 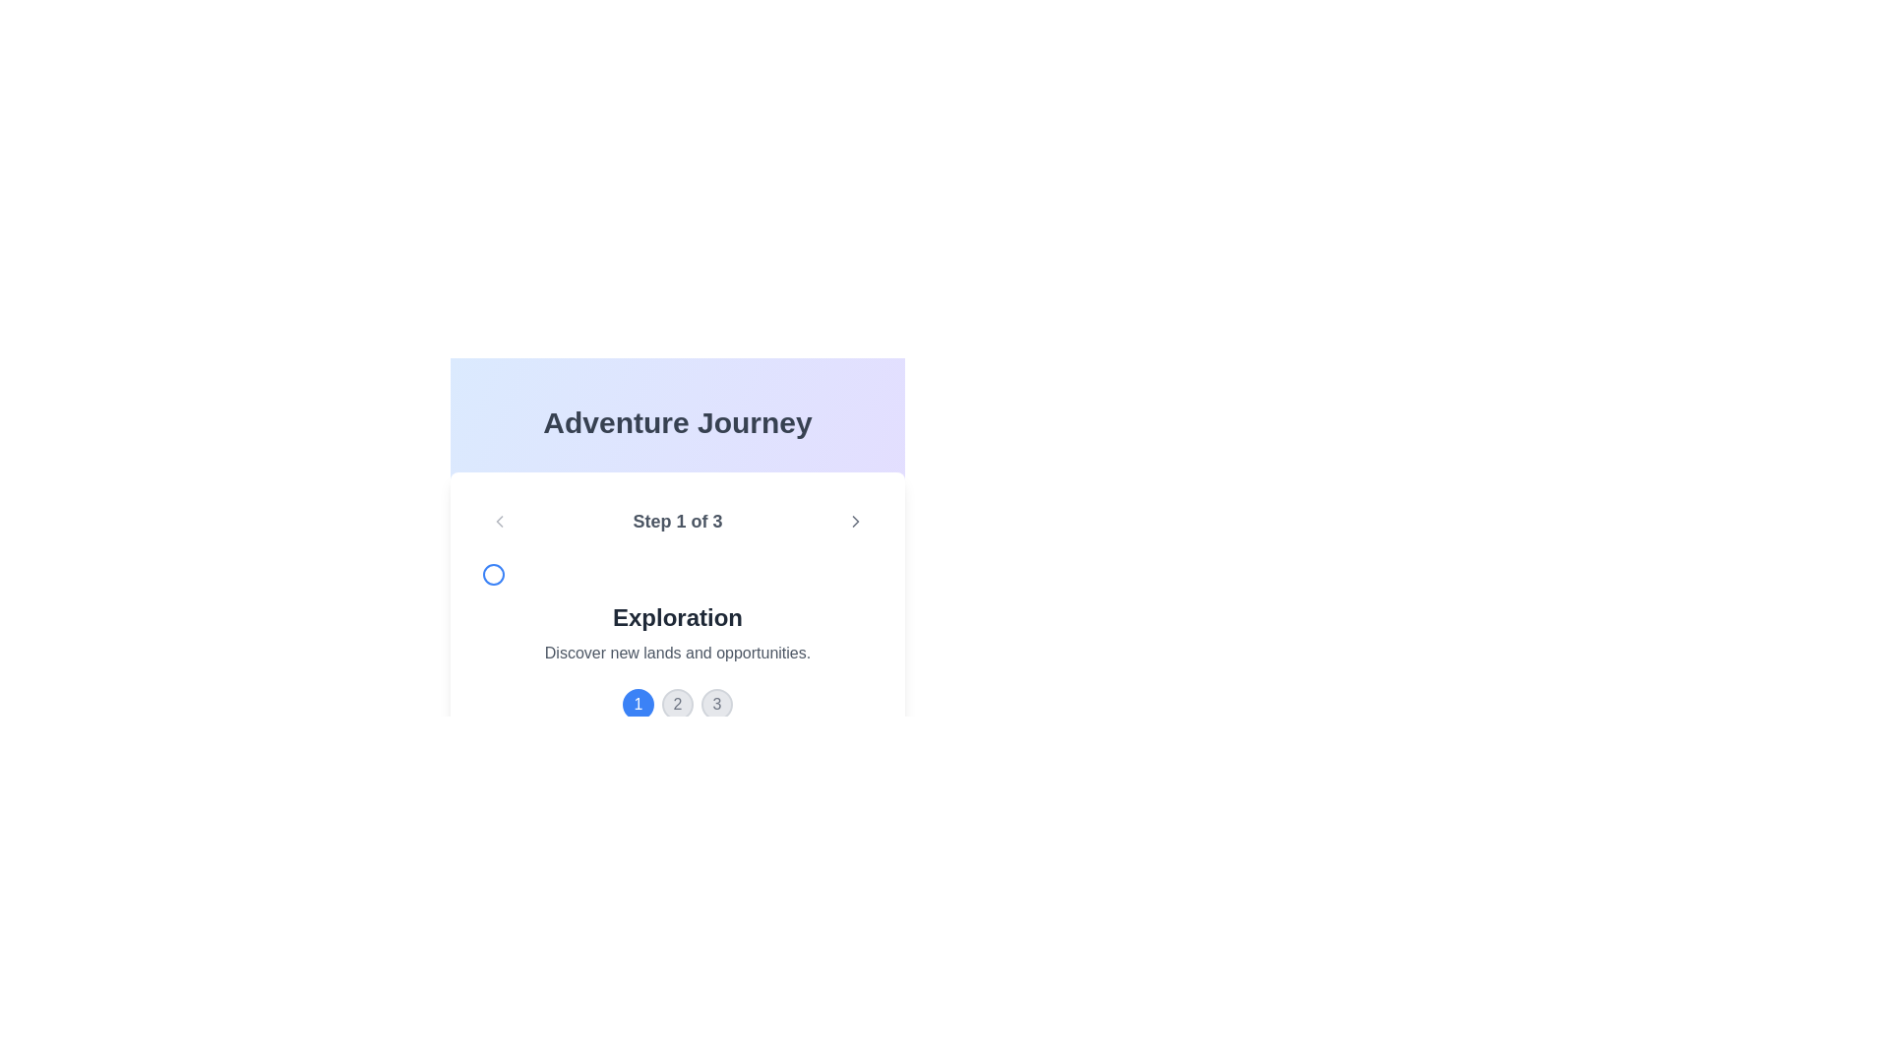 What do you see at coordinates (678, 617) in the screenshot?
I see `the 'Exploration' label, which is a bold, large text in dark gray color, centered horizontally and positioned above a smaller descriptive text and below an icon` at bounding box center [678, 617].